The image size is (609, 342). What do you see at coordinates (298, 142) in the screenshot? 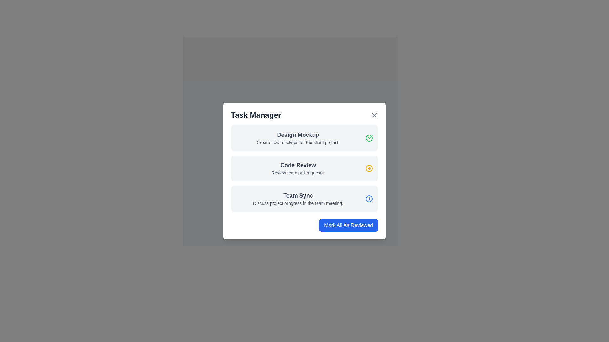
I see `the descriptive text label in the 'Task Manager' dialog box under the 'Design Mockup' header, which provides information about creating mockups for a client project` at bounding box center [298, 142].